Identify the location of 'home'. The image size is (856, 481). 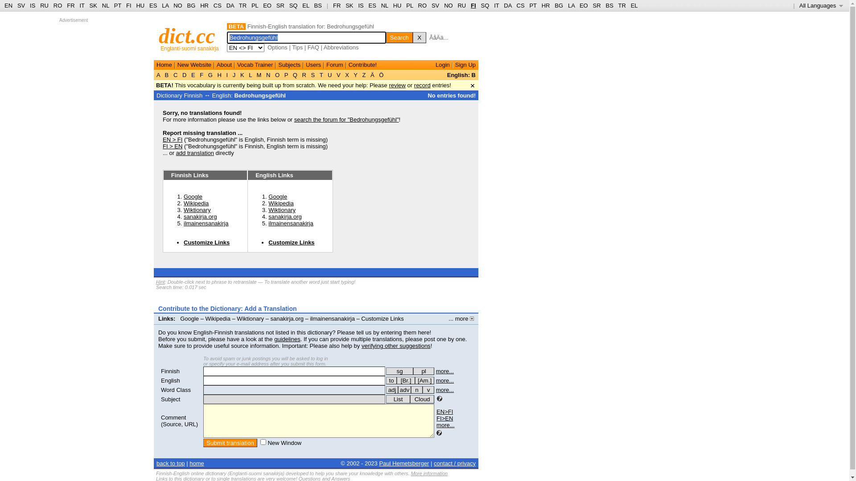
(196, 463).